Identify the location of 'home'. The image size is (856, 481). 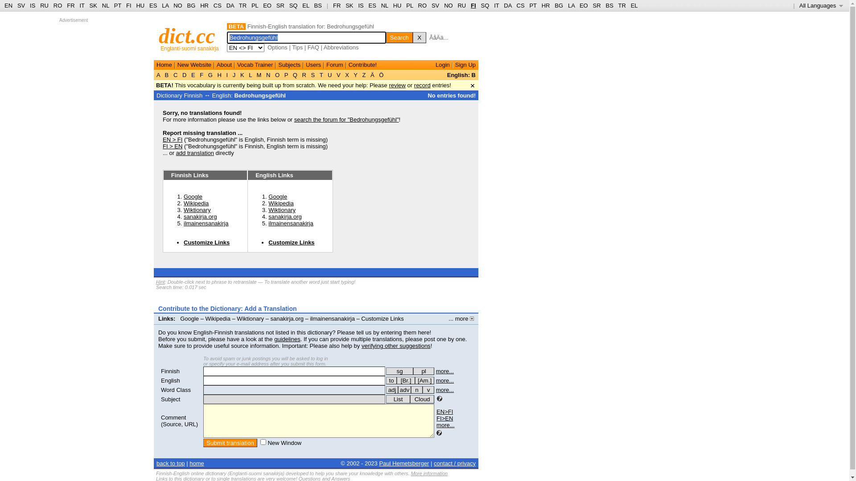
(196, 463).